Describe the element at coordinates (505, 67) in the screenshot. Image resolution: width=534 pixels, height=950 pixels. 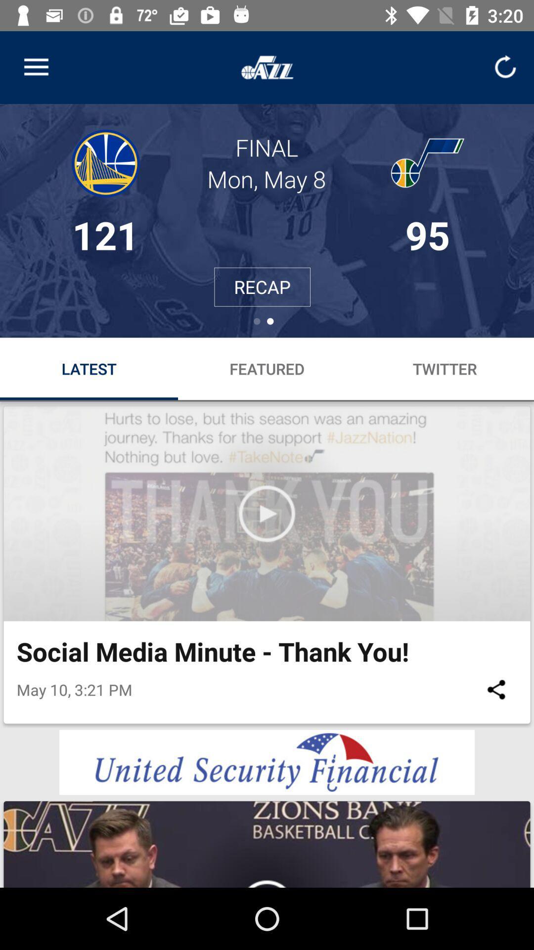
I see `refresh option below time` at that location.